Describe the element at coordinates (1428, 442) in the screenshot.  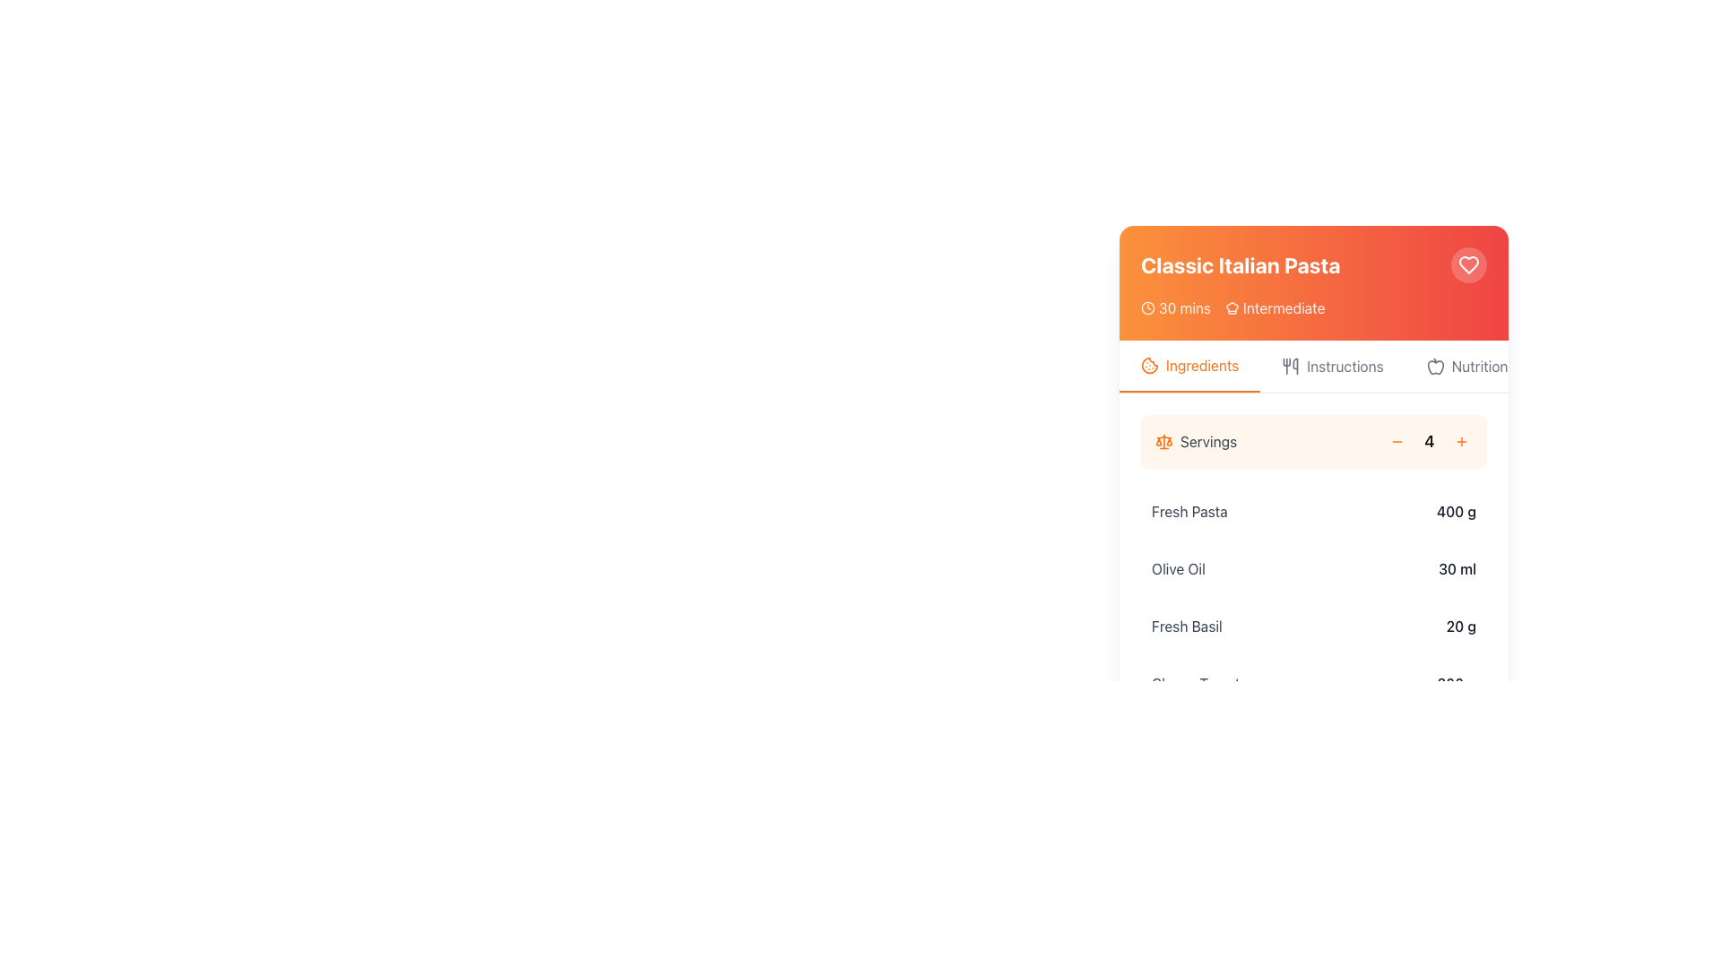
I see `the text display showing the number '4', which is centered within an orange-themed layout and located in the 'Servings' control group of the ingredient card` at that location.